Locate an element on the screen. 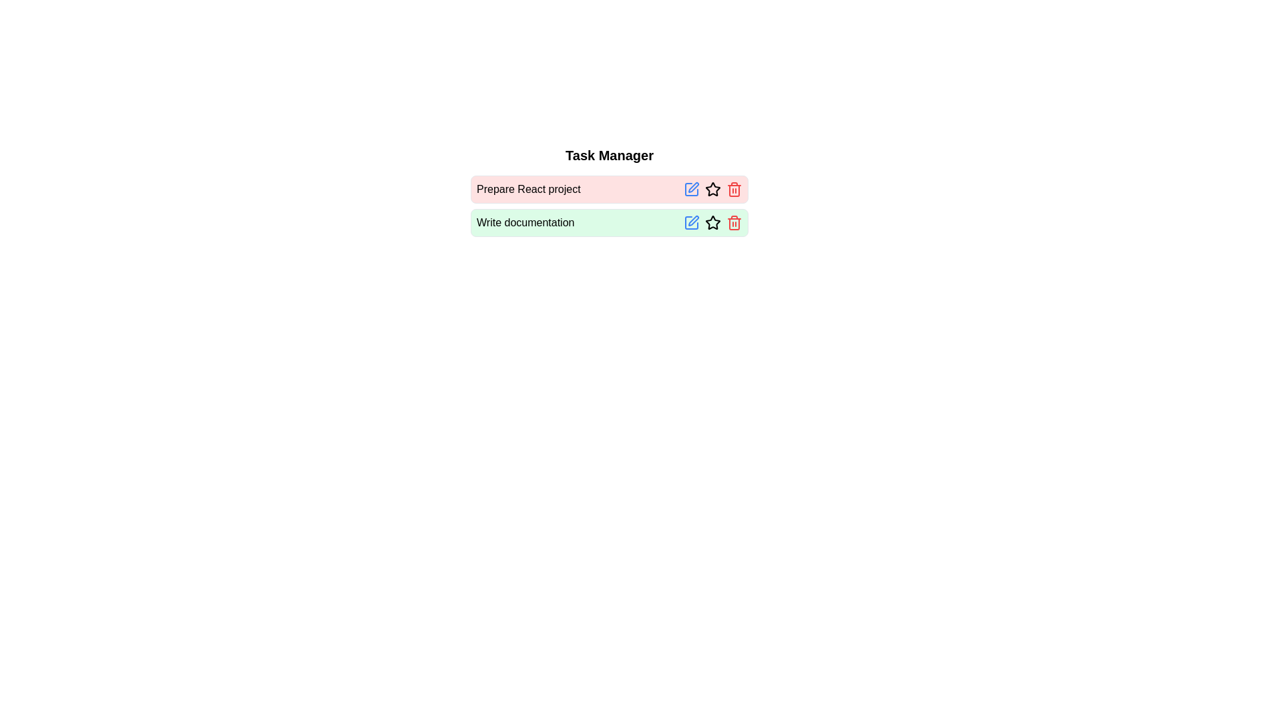 The image size is (1282, 721). the Icon Button adjacent to the 'Prepare React project' task entry is located at coordinates (712, 190).